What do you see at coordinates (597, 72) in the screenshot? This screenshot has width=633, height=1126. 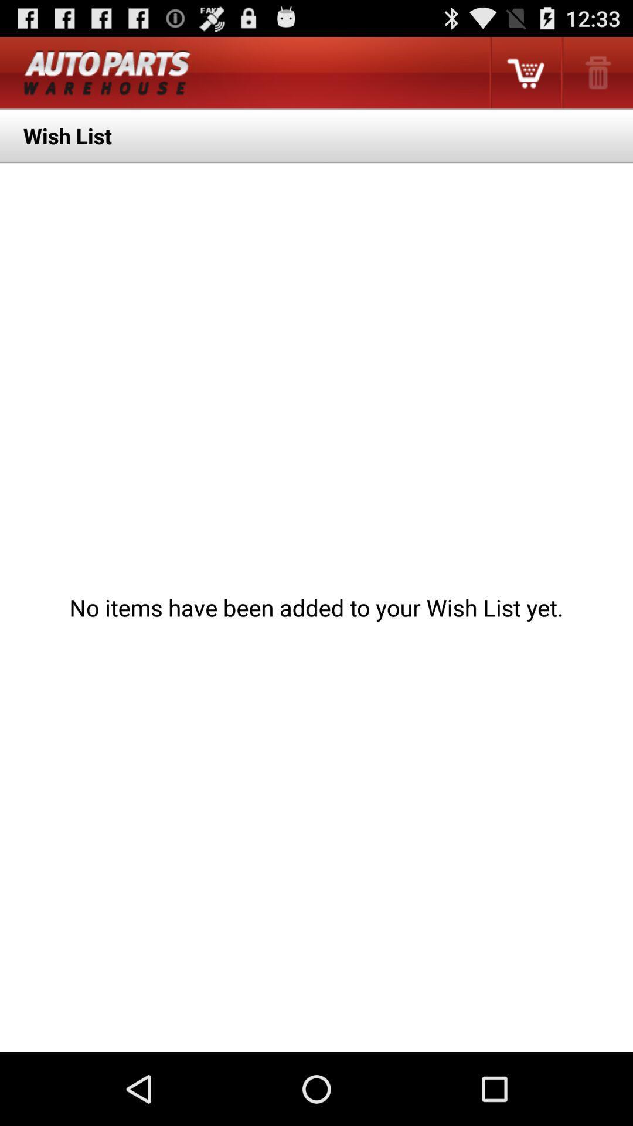 I see `the app above the wish list item` at bounding box center [597, 72].